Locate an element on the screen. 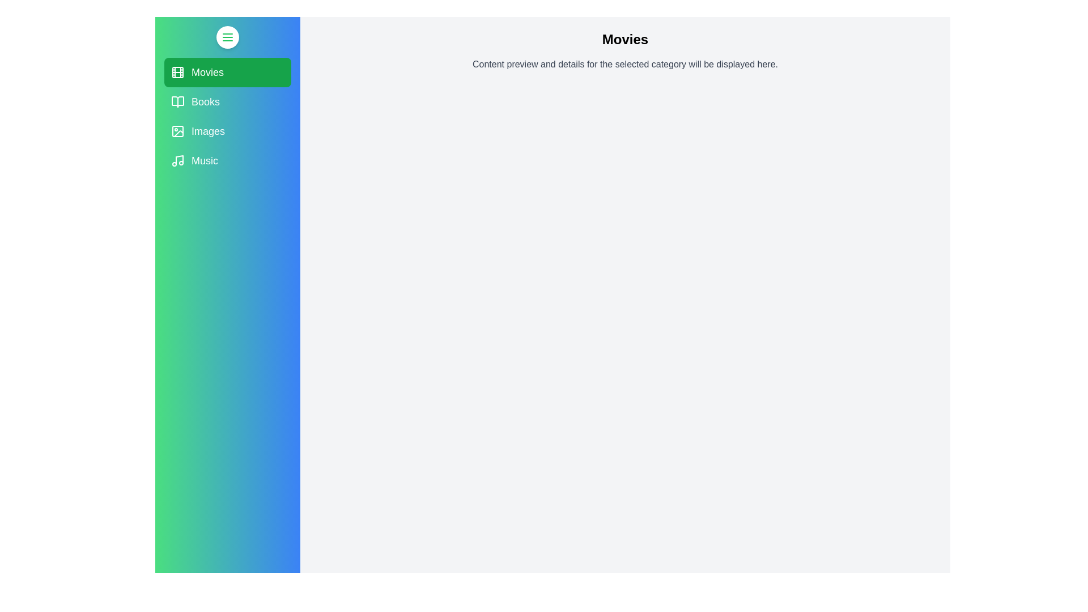  the category Movies to view its details is located at coordinates (227, 72).